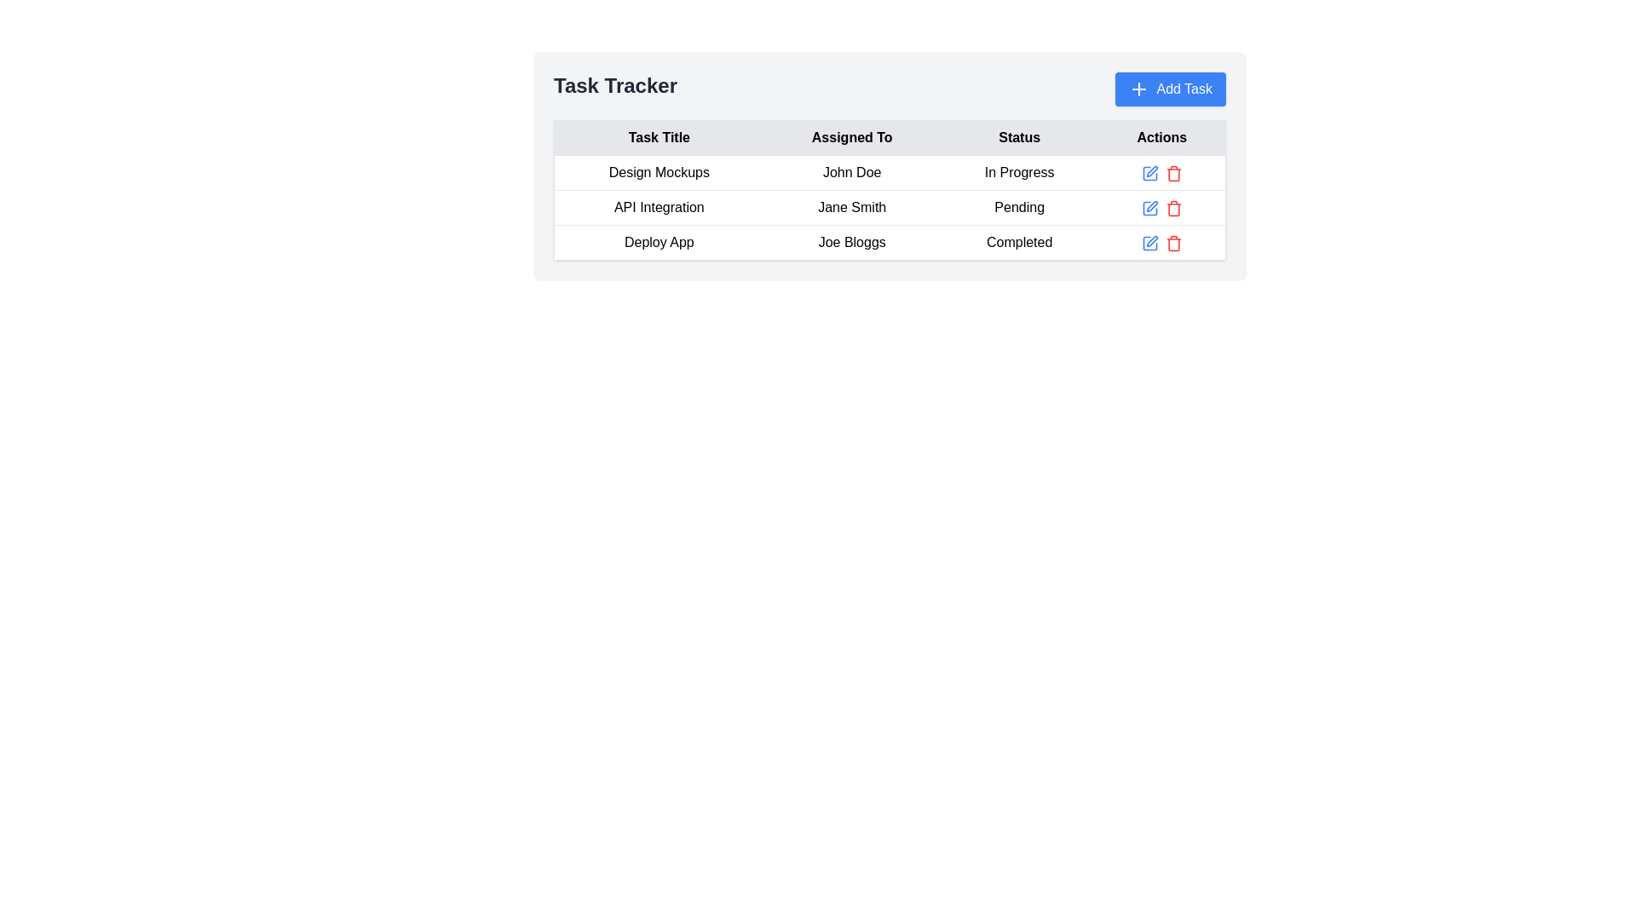 The height and width of the screenshot is (920, 1636). What do you see at coordinates (1019, 243) in the screenshot?
I see `the text label displaying 'Completed' in the 'Status' column of the task titled 'Deploy App' assigned to 'Joe Bloggs'` at bounding box center [1019, 243].